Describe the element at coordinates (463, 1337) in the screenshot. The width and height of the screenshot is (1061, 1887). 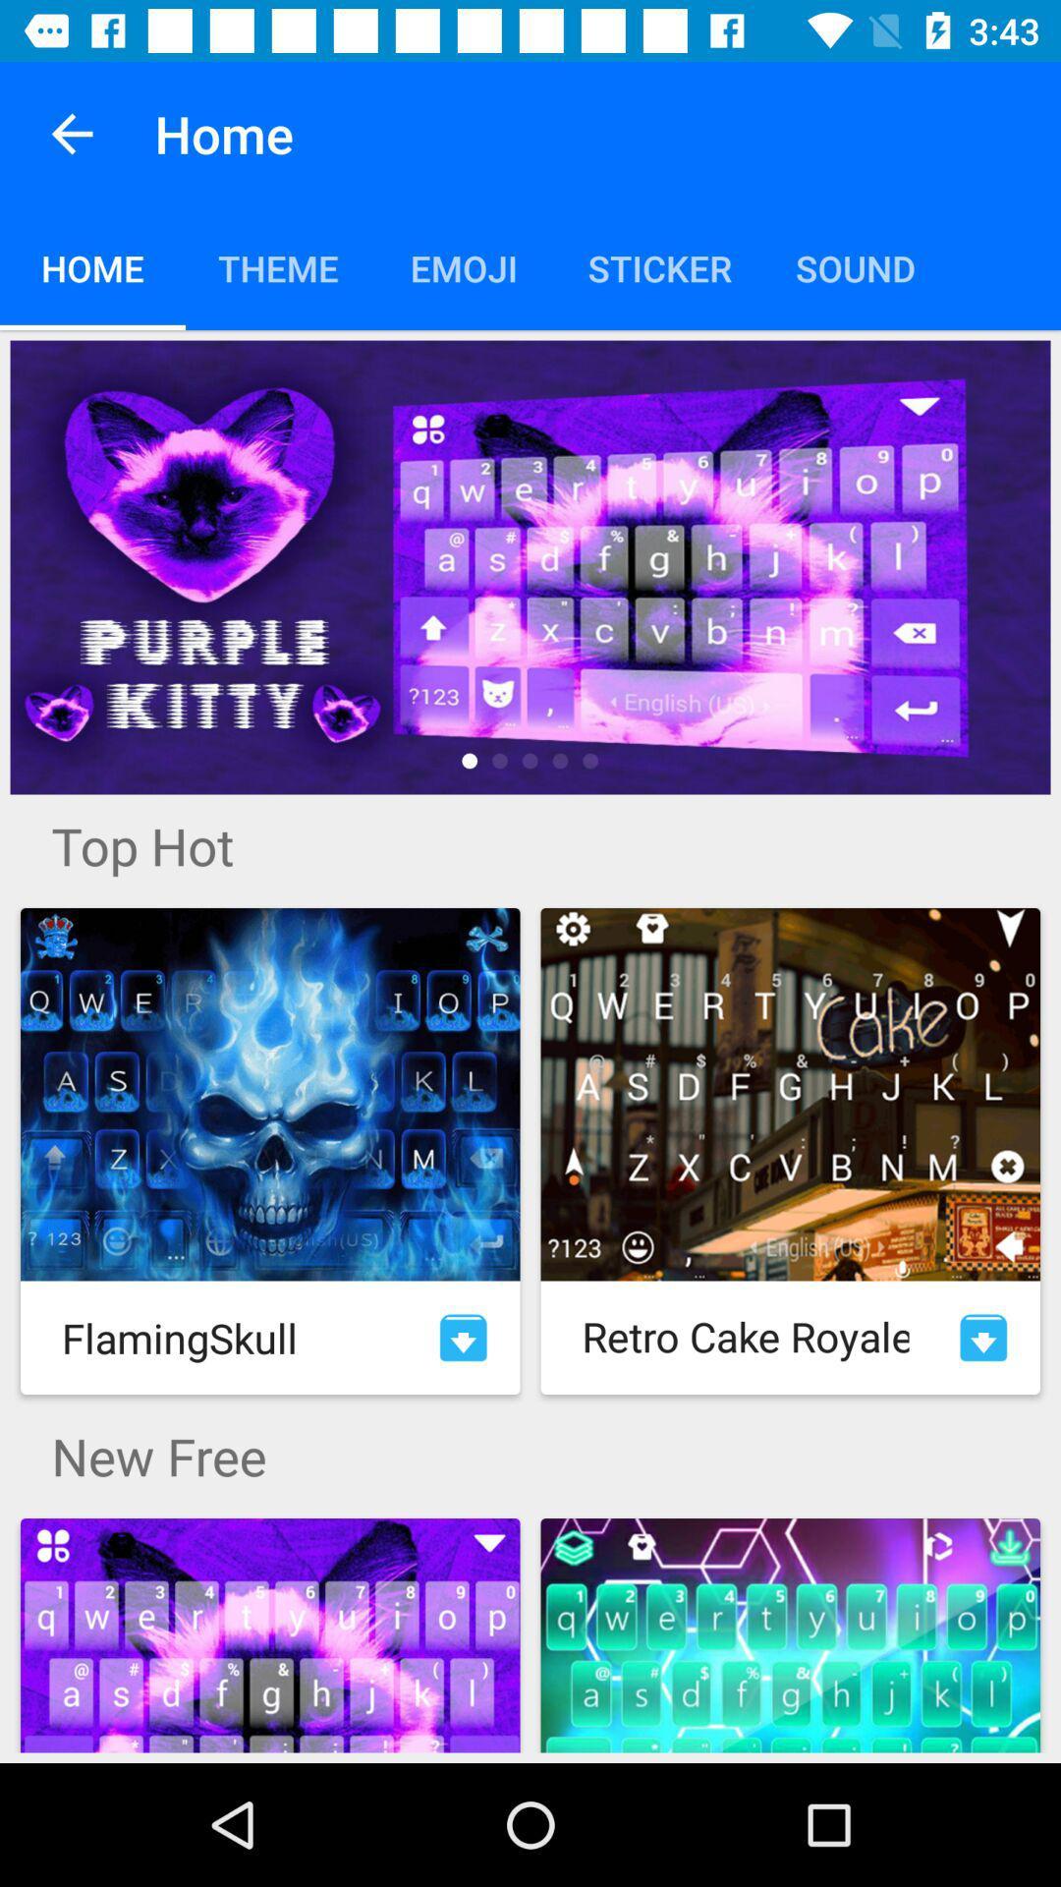
I see `download file` at that location.